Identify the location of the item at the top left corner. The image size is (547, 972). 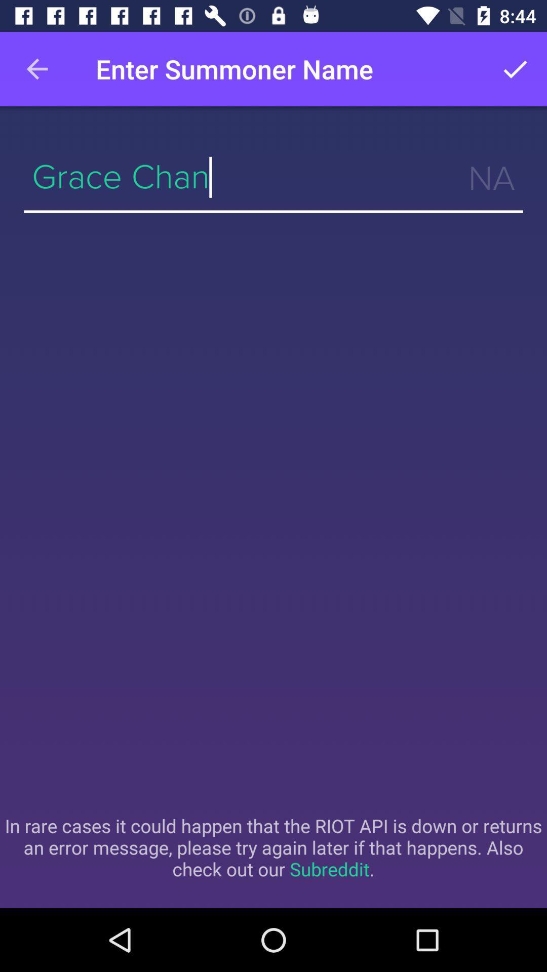
(36, 68).